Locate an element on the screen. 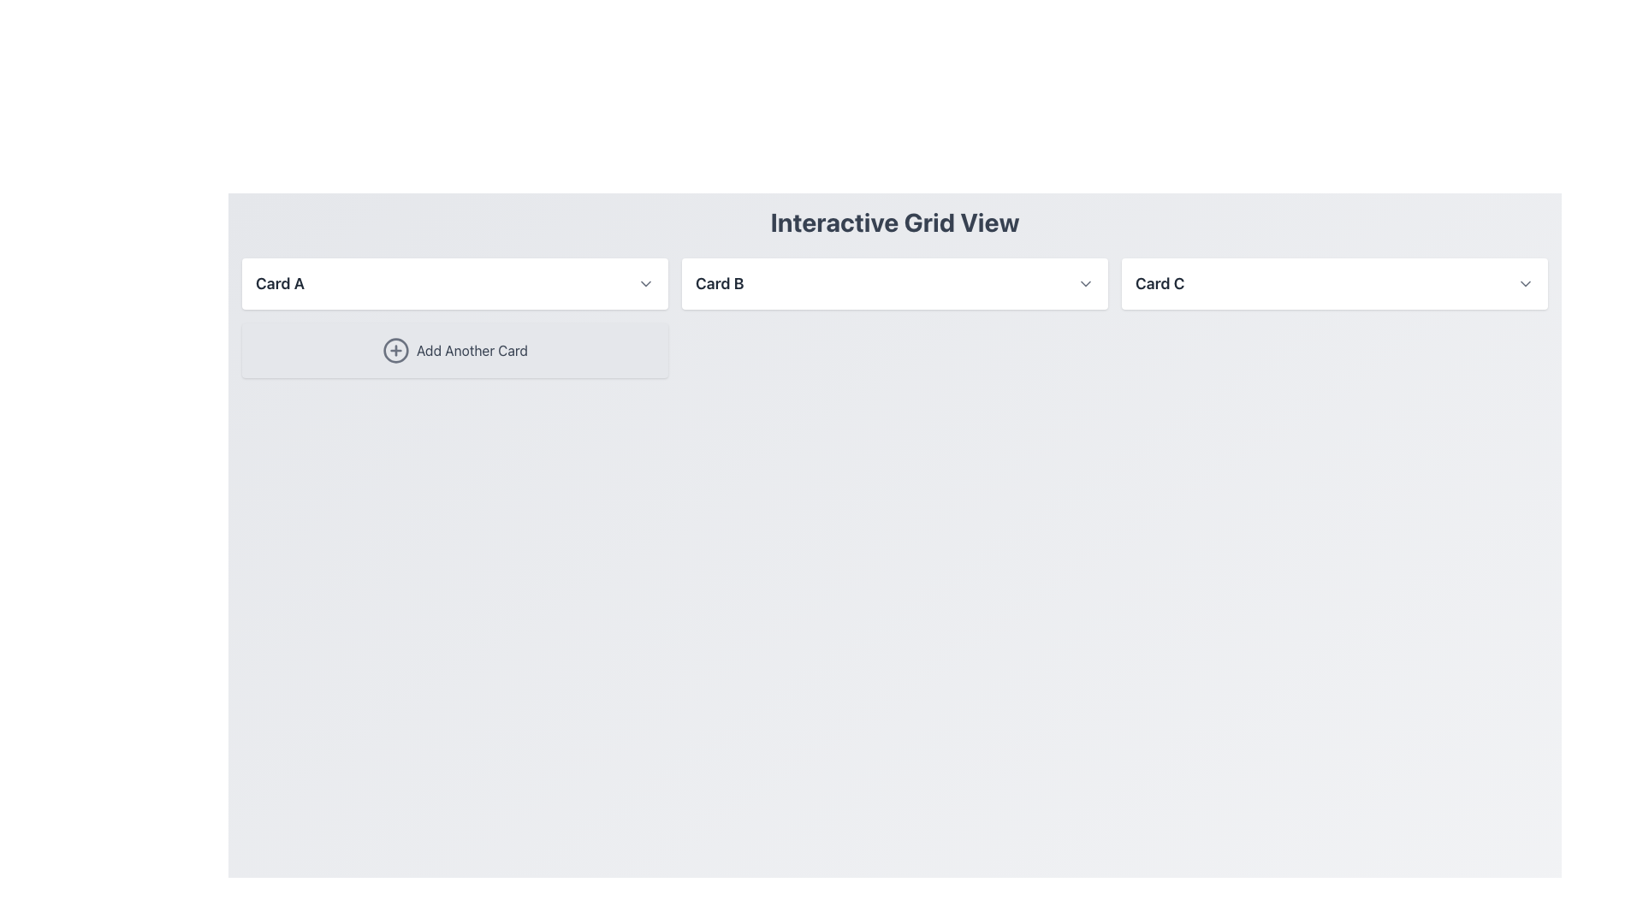 This screenshot has width=1643, height=924. the dropdown arrow on the third card in the grid layout to expand options is located at coordinates (1334, 282).